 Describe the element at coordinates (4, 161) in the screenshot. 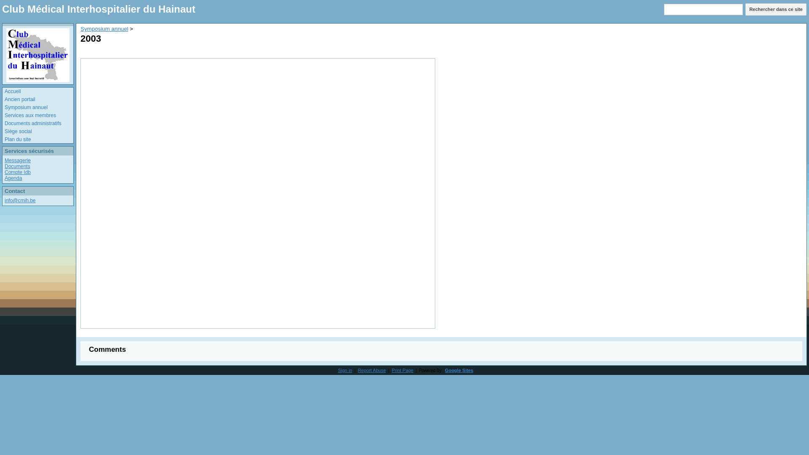

I see `'Messagerie'` at that location.